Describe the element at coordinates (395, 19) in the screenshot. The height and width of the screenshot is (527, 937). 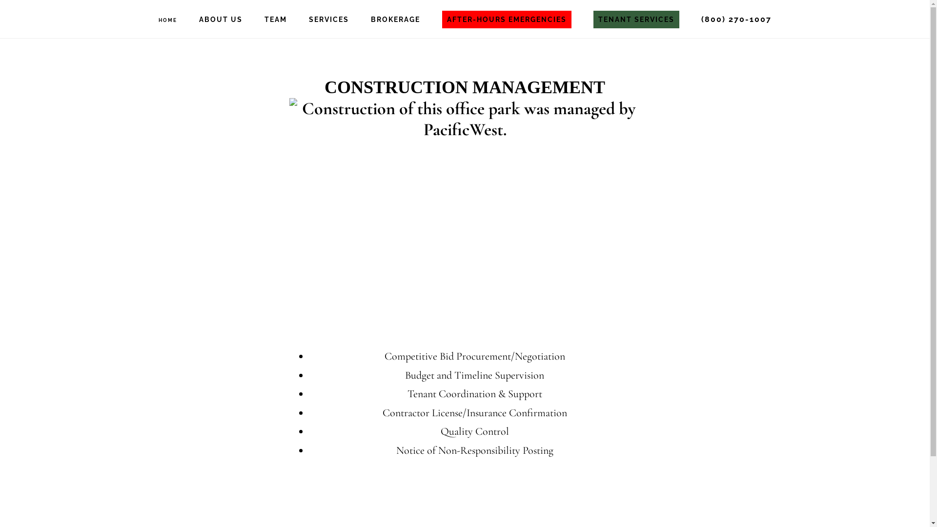
I see `'BROKERAGE'` at that location.